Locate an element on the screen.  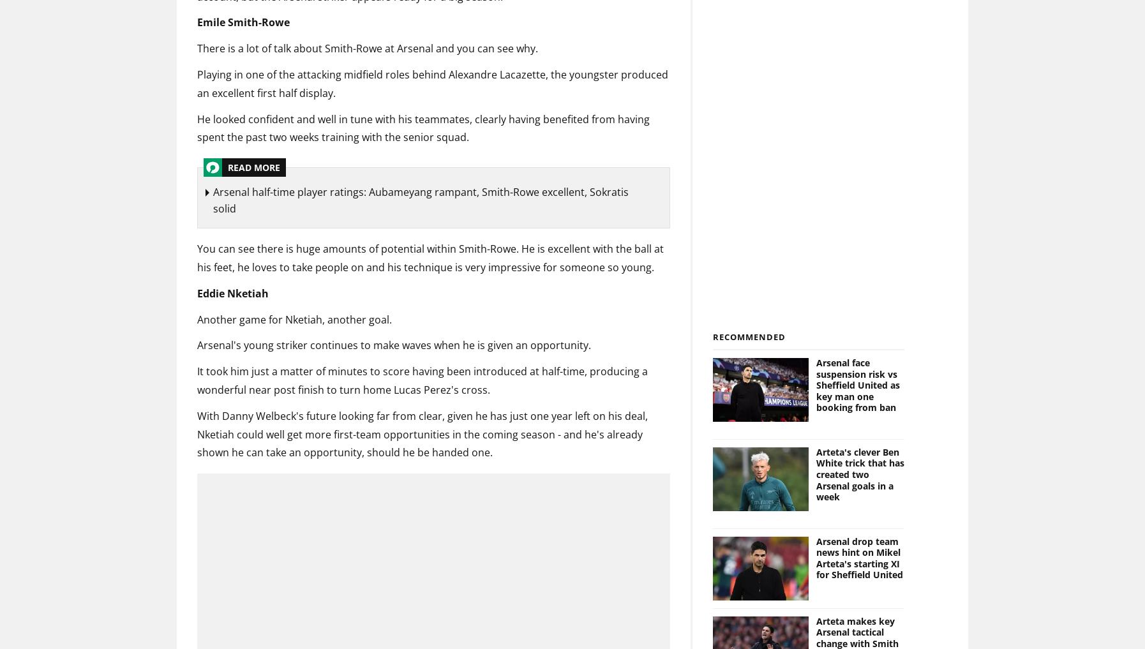
'He looked confident and well in tune with his teammates, clearly having benefited from having spent the past two weeks training with the senior squad.' is located at coordinates (423, 128).